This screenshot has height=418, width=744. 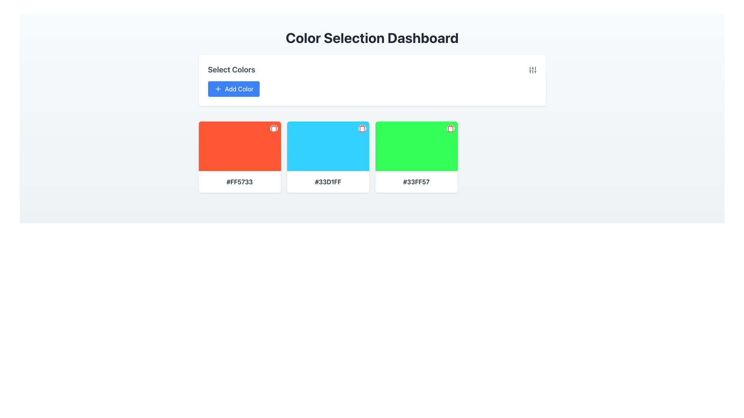 What do you see at coordinates (532, 70) in the screenshot?
I see `the Icon button located in the top-right corner of the 'Select Colors' section header` at bounding box center [532, 70].